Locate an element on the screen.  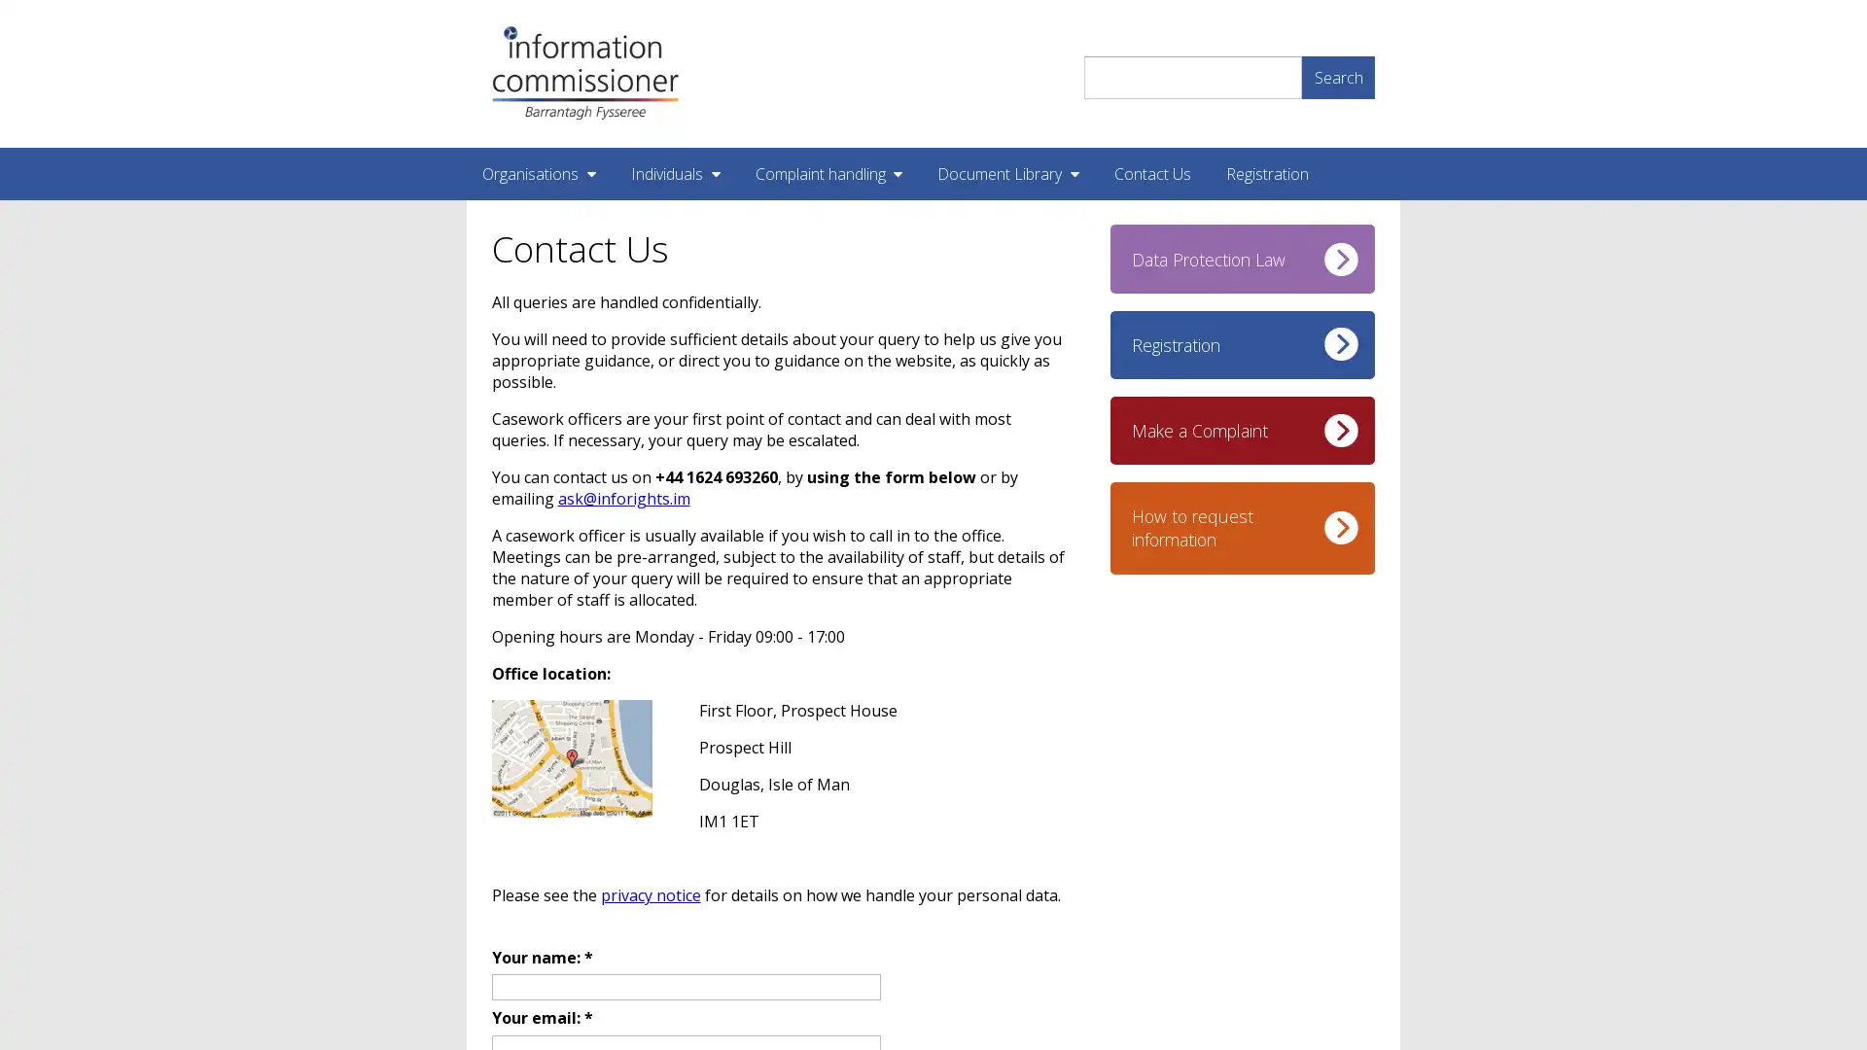
Search is located at coordinates (1337, 75).